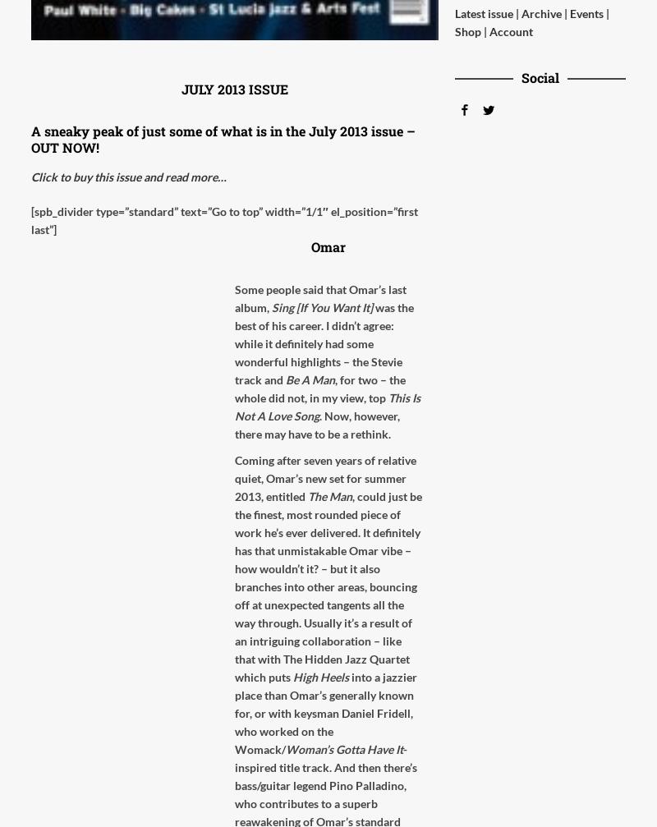 This screenshot has height=827, width=657. I want to click on 'Be A Man', so click(310, 379).